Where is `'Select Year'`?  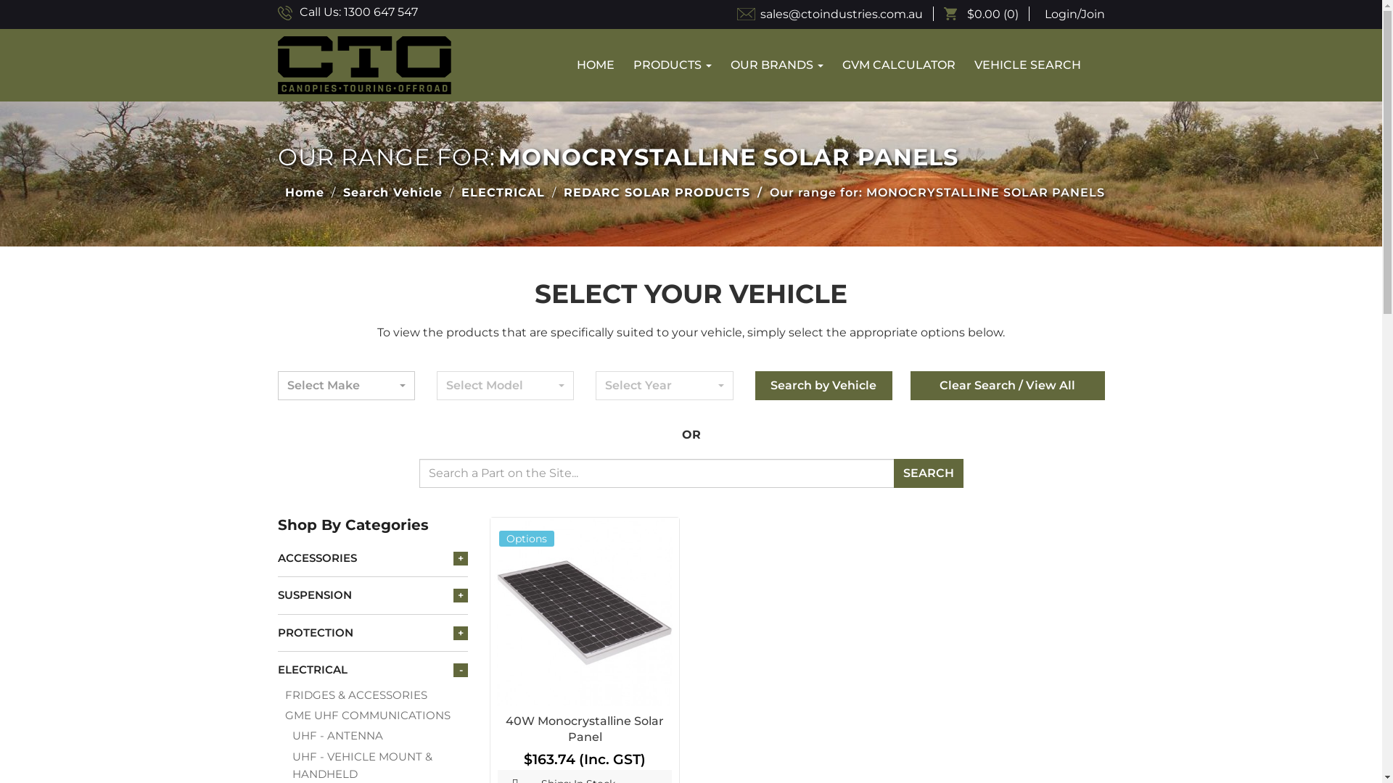 'Select Year' is located at coordinates (663, 385).